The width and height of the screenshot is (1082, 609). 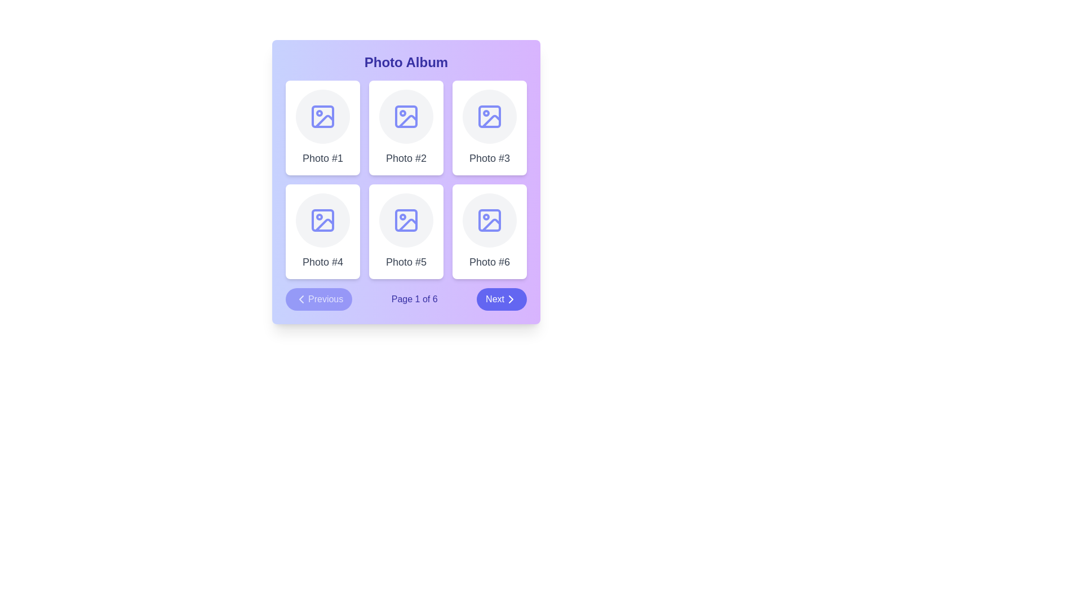 What do you see at coordinates (406, 220) in the screenshot?
I see `the icon button representing the image for the card labeled 'Photo #5', which is located in the bottom row, center column of the grid` at bounding box center [406, 220].